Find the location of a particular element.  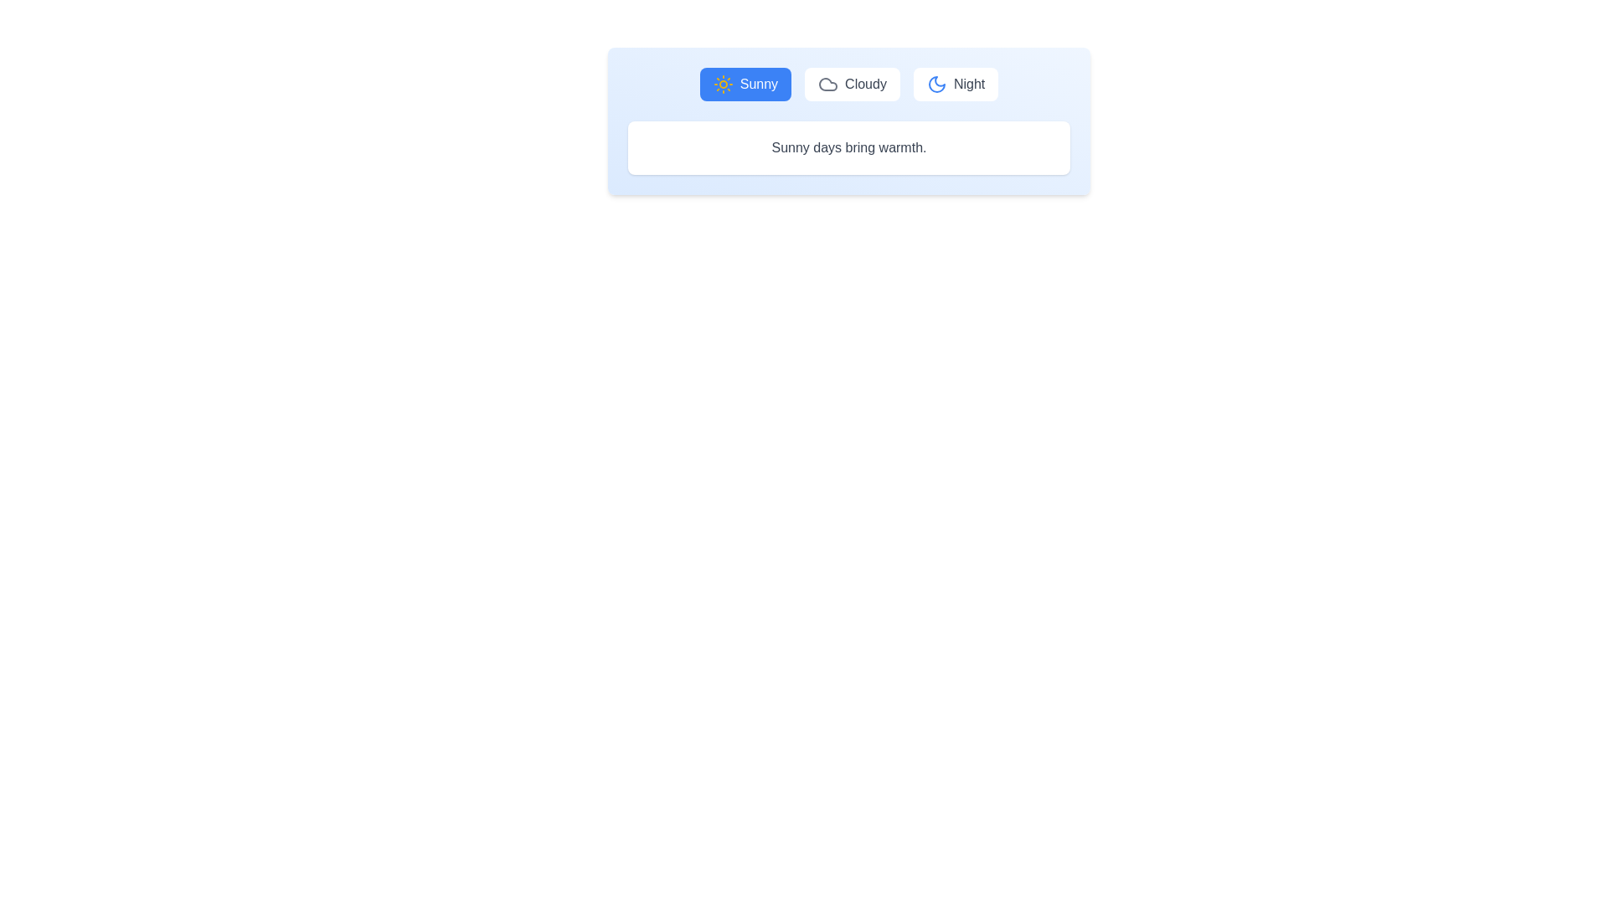

the Cloudy tab to display its content is located at coordinates (852, 84).